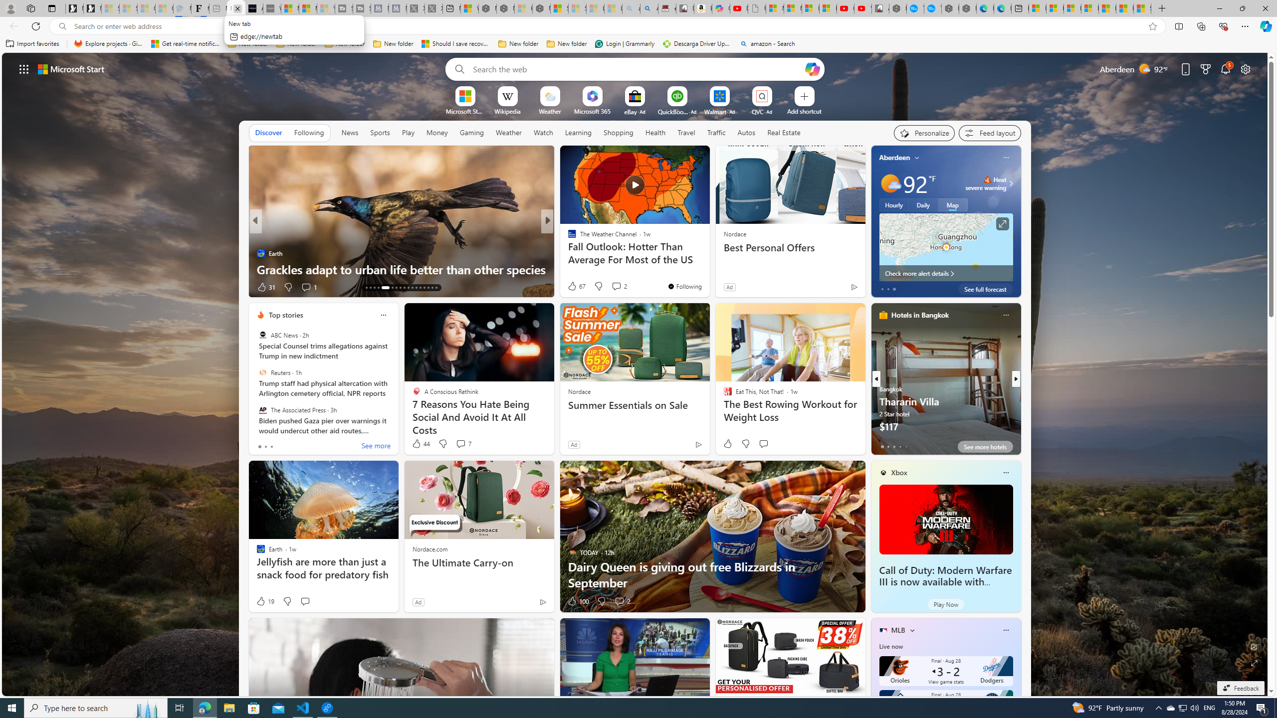 This screenshot has height=718, width=1277. Describe the element at coordinates (893, 204) in the screenshot. I see `'Hourly'` at that location.